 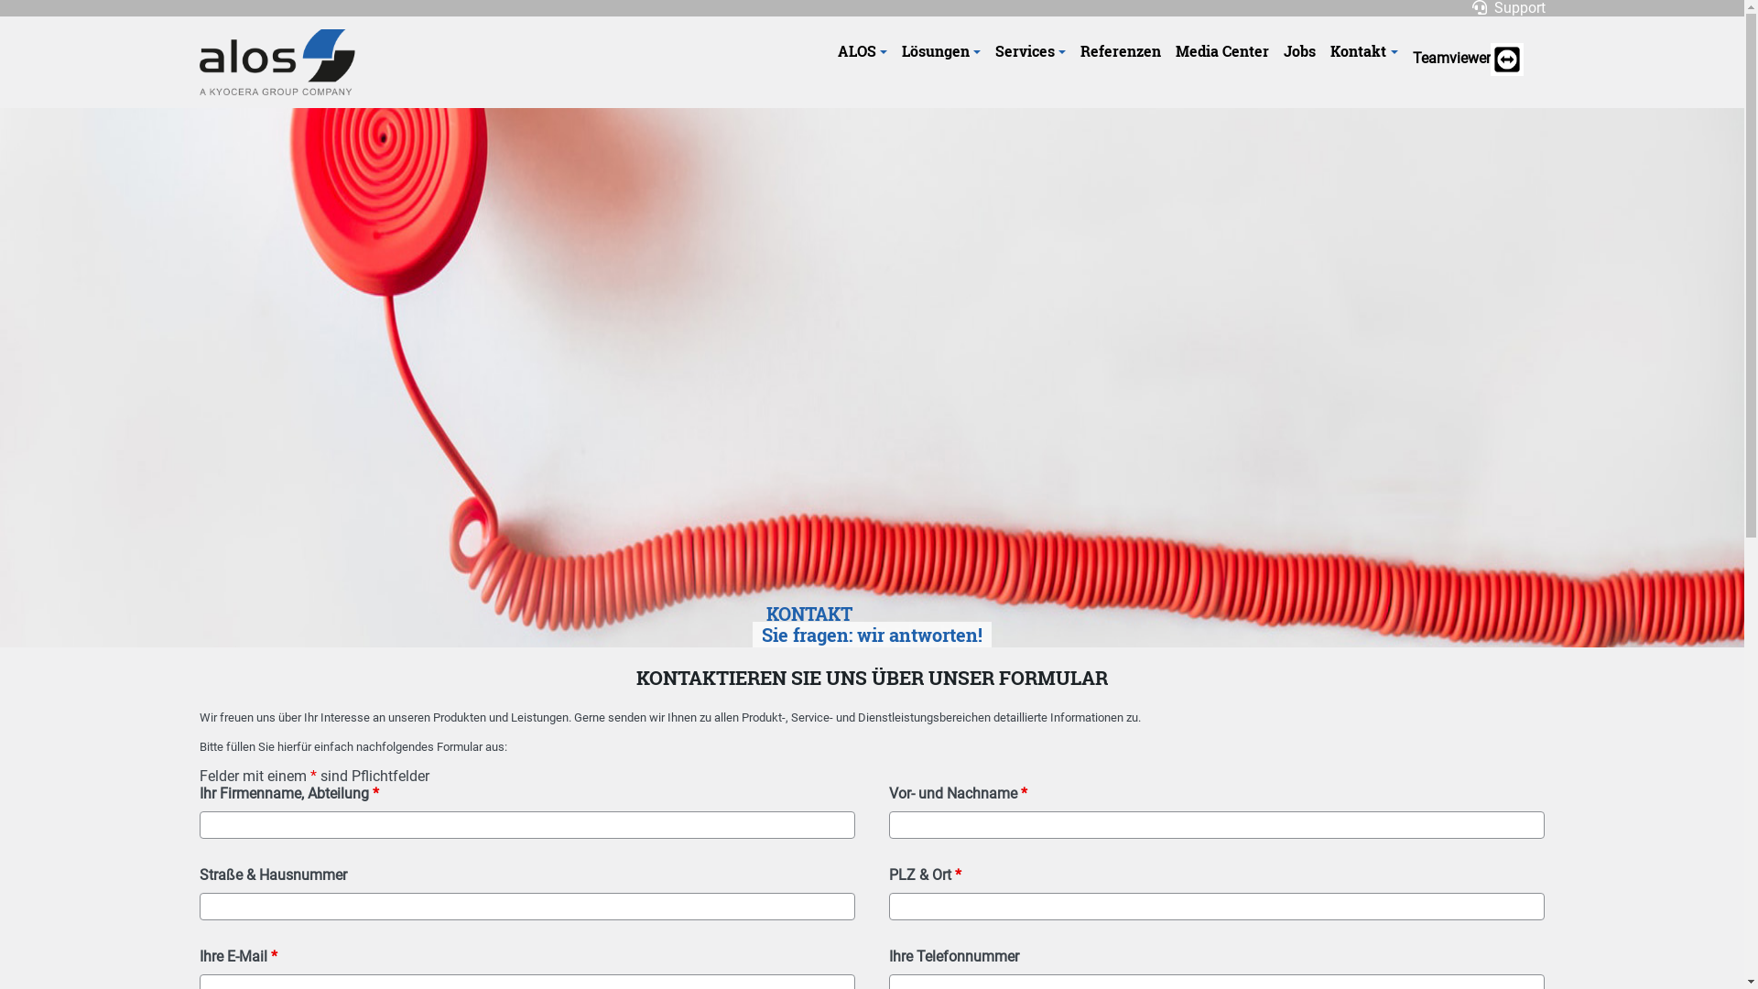 What do you see at coordinates (1221, 50) in the screenshot?
I see `'Media Center'` at bounding box center [1221, 50].